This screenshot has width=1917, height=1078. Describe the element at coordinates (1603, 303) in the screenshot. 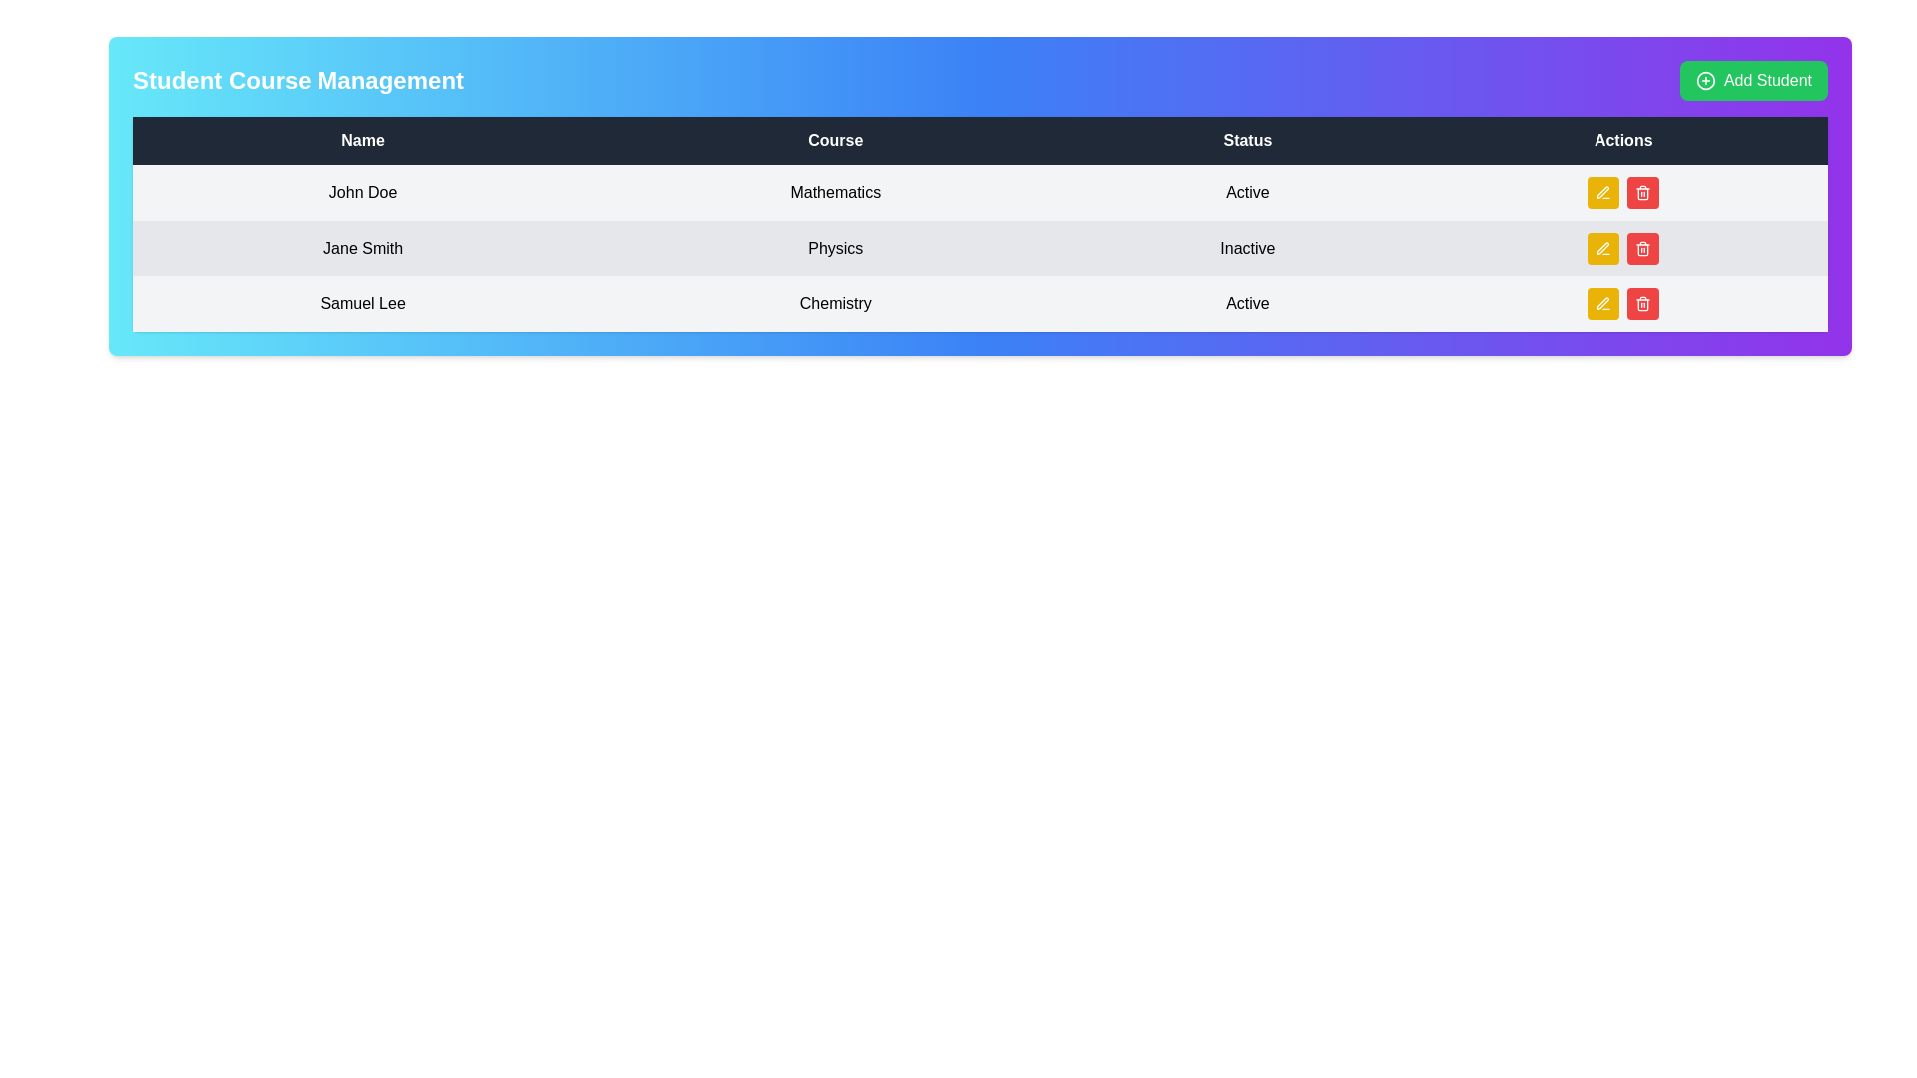

I see `the icon button resembling a pen or pencil in the last row of the table for the student 'Samuel Lee'` at that location.